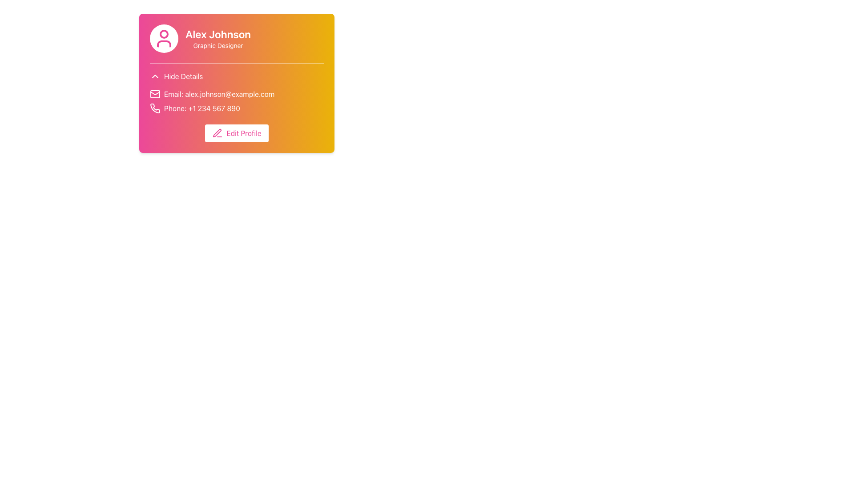 The image size is (854, 480). I want to click on text displayed in the Text Label that shows 'Alex Johnson', which is prominently placed at the top of a gradient-colored card, so click(218, 34).